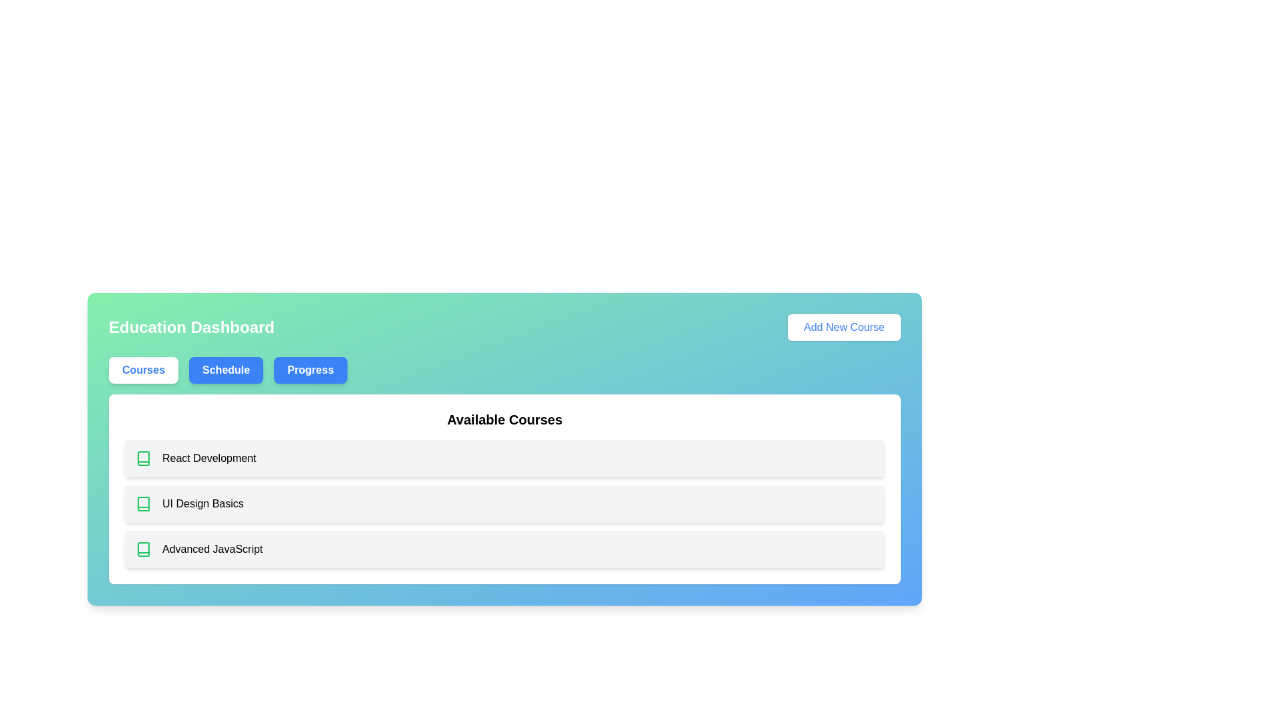  What do you see at coordinates (144, 503) in the screenshot?
I see `the small book icon with a green border, located to the left of the text 'UI Design Basics'` at bounding box center [144, 503].